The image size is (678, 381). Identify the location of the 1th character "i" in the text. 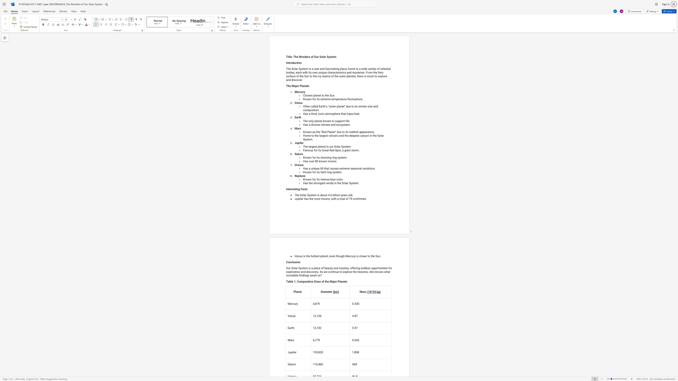
(296, 189).